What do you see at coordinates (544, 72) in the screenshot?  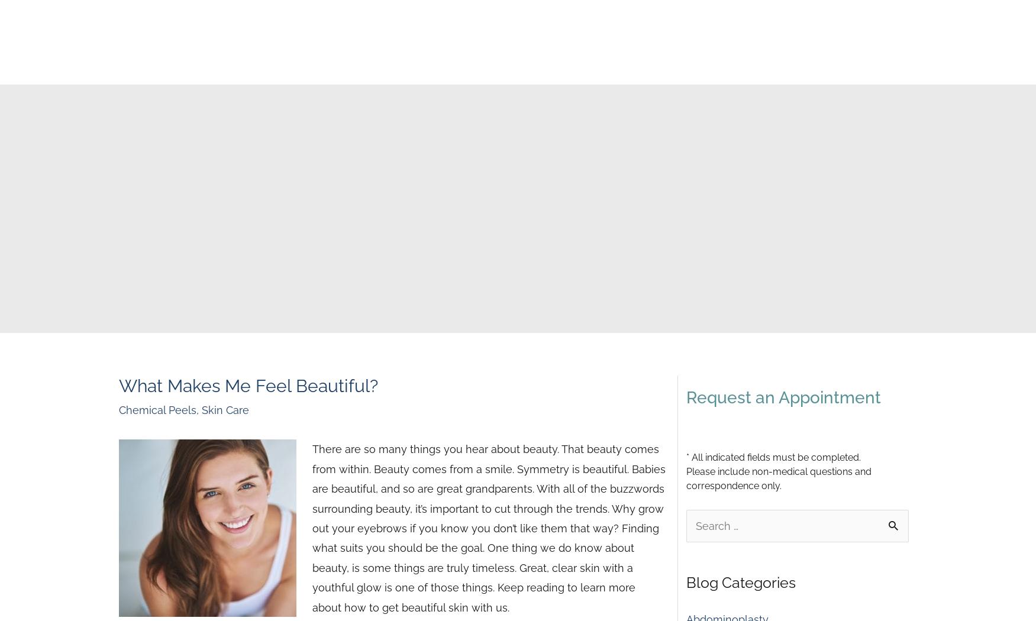 I see `'Financing'` at bounding box center [544, 72].